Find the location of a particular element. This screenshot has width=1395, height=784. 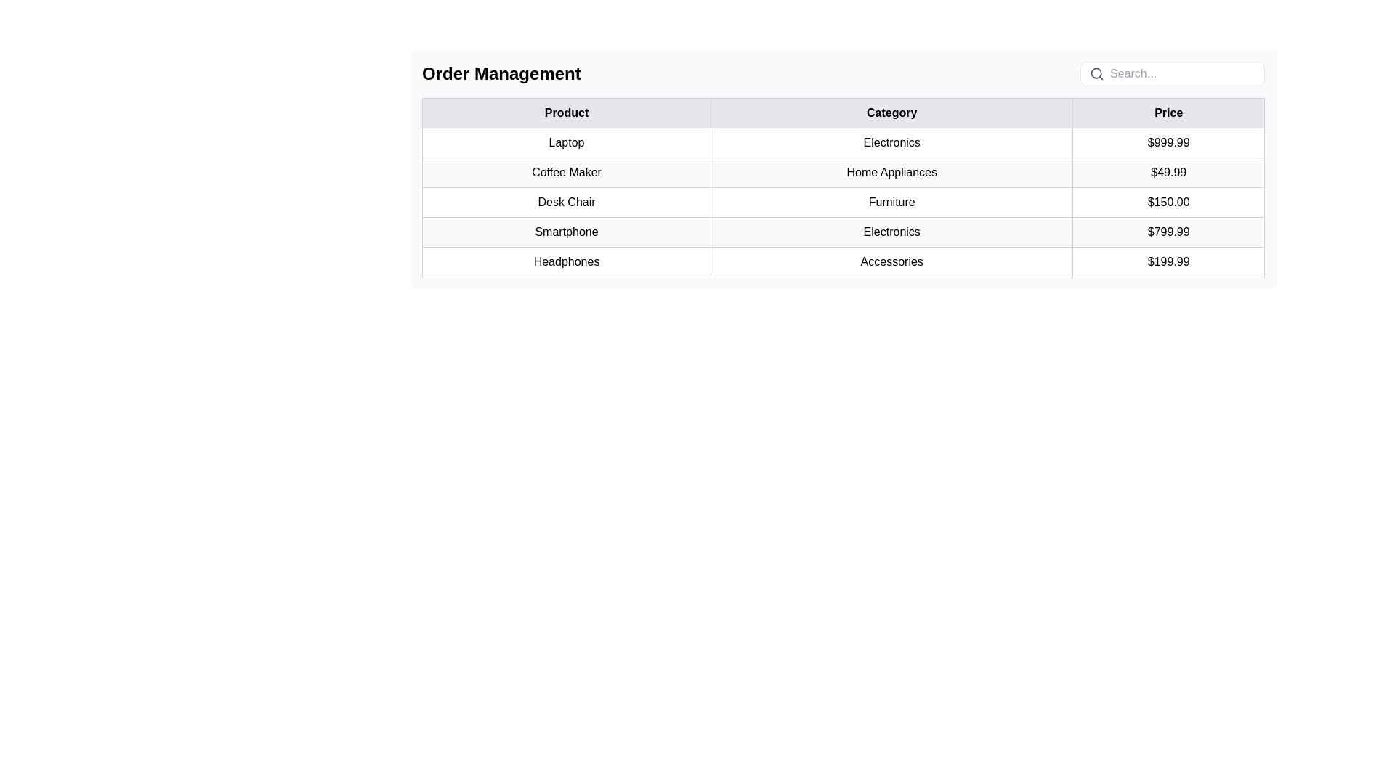

the read-only table cell element that indicates the product 'Laptop' belongs to the 'Electronics' category, located in the second column under the 'Category' header is located at coordinates (891, 142).